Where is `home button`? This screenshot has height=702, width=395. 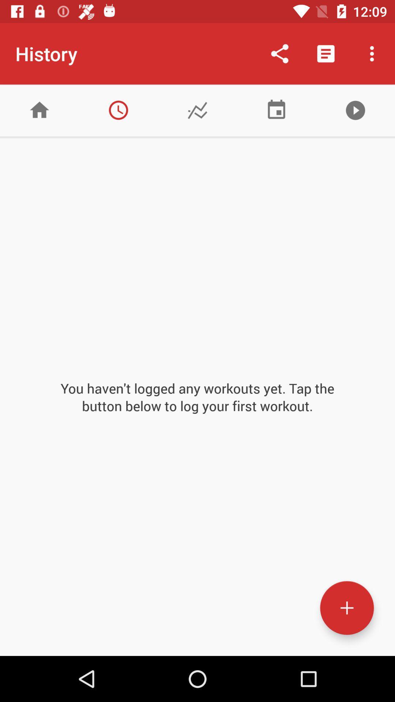
home button is located at coordinates (39, 110).